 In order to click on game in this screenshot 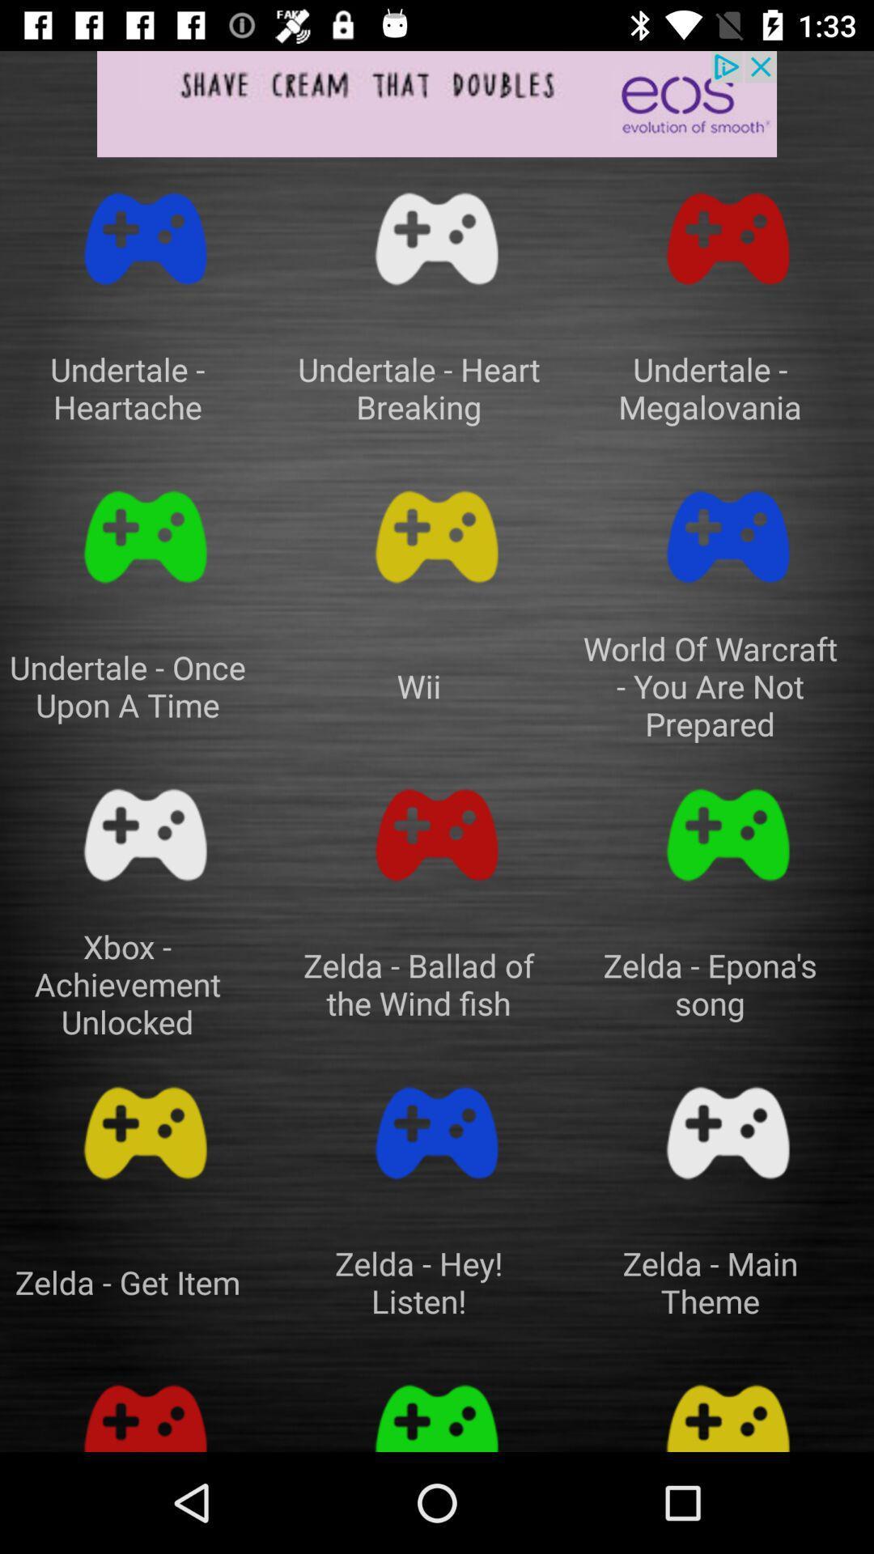, I will do `click(146, 1408)`.